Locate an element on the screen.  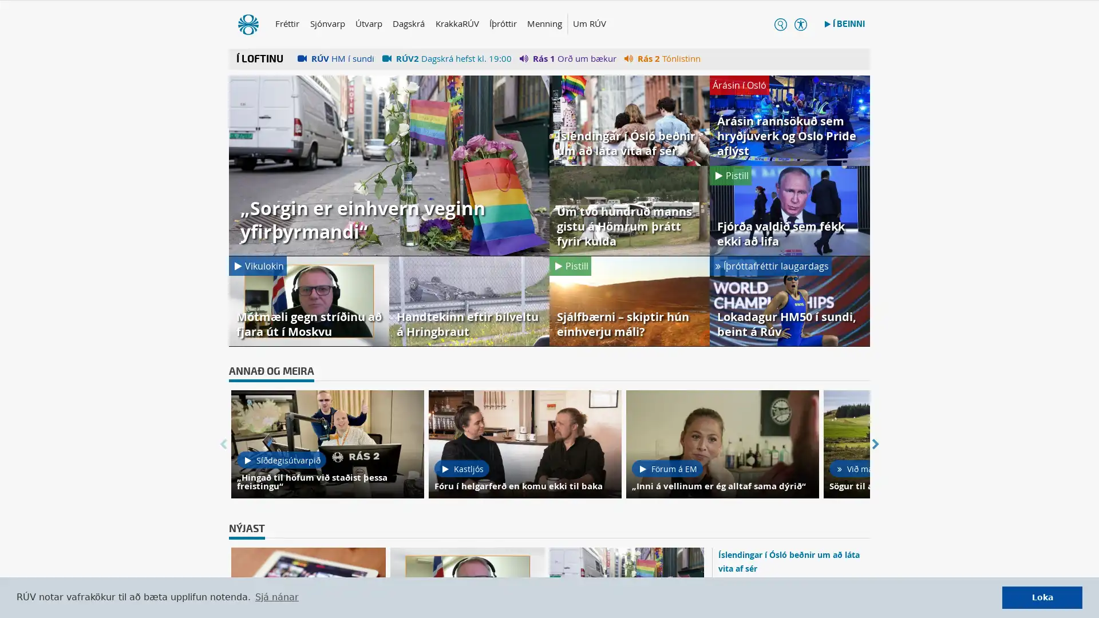
Next is located at coordinates (875, 445).